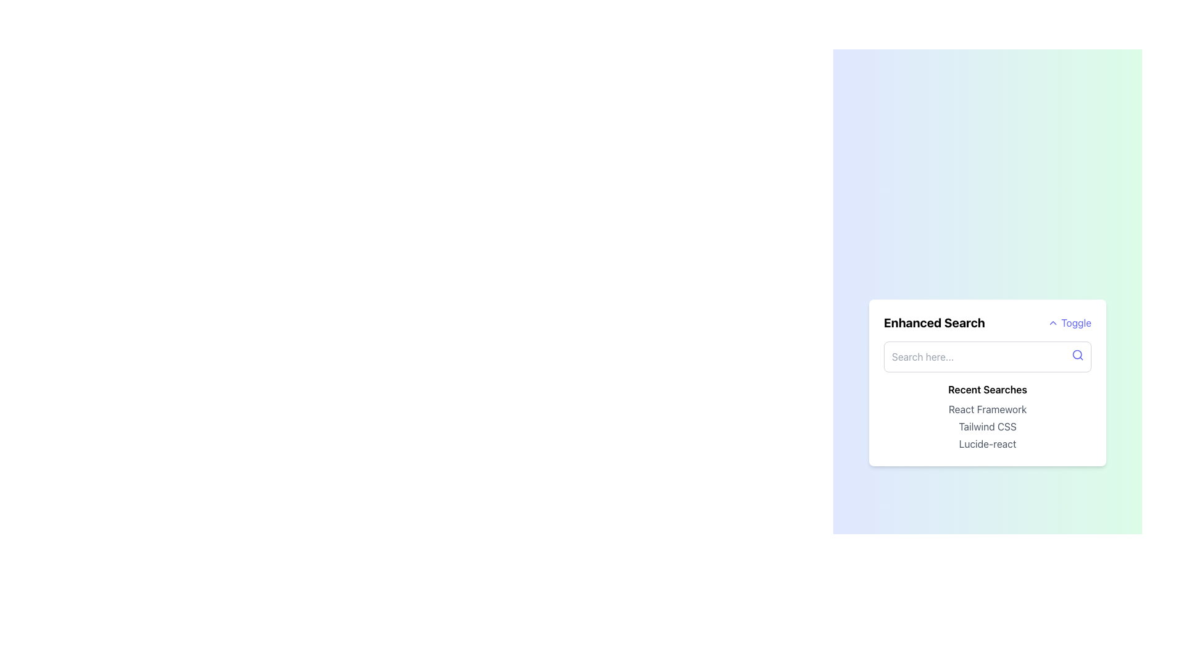 The width and height of the screenshot is (1186, 667). Describe the element at coordinates (986, 426) in the screenshot. I see `text label displaying 'Tailwind CSS' located under the 'Recent Searches' section, positioned as the second item in the list` at that location.